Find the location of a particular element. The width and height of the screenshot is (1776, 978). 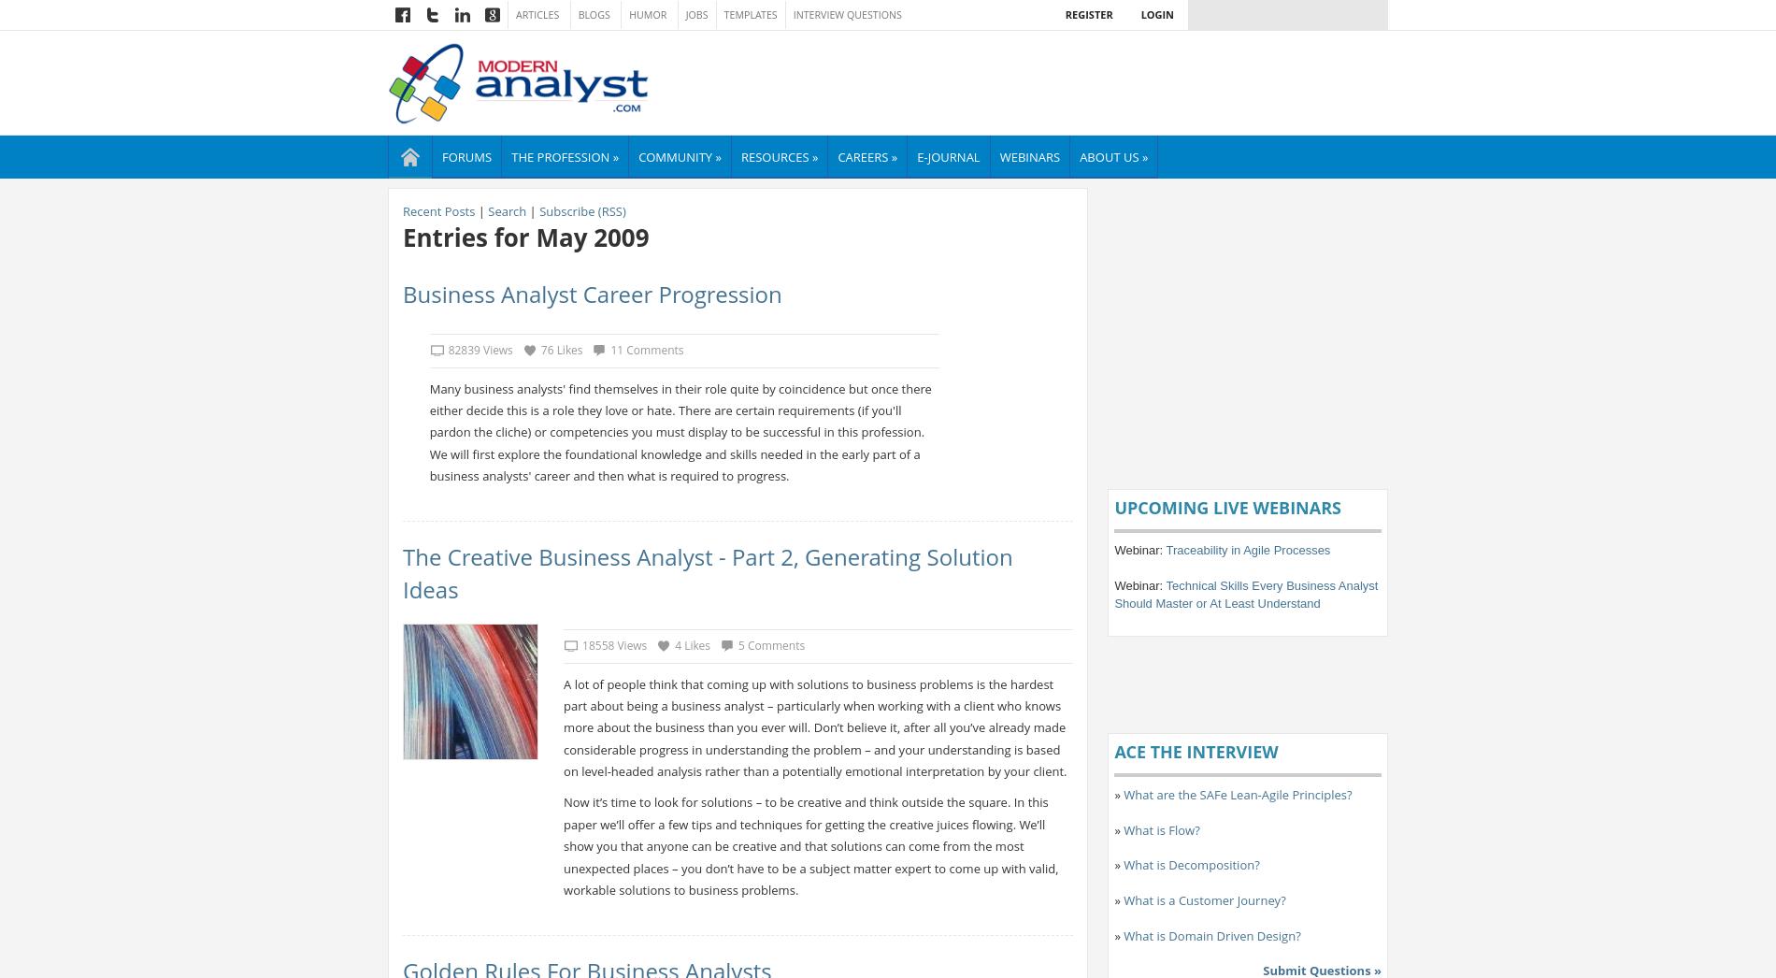

'11 Comments' is located at coordinates (646, 350).